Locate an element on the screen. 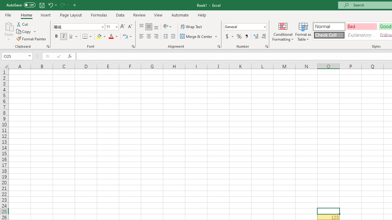 Image resolution: width=392 pixels, height=220 pixels. 'Check Cell' is located at coordinates (329, 35).